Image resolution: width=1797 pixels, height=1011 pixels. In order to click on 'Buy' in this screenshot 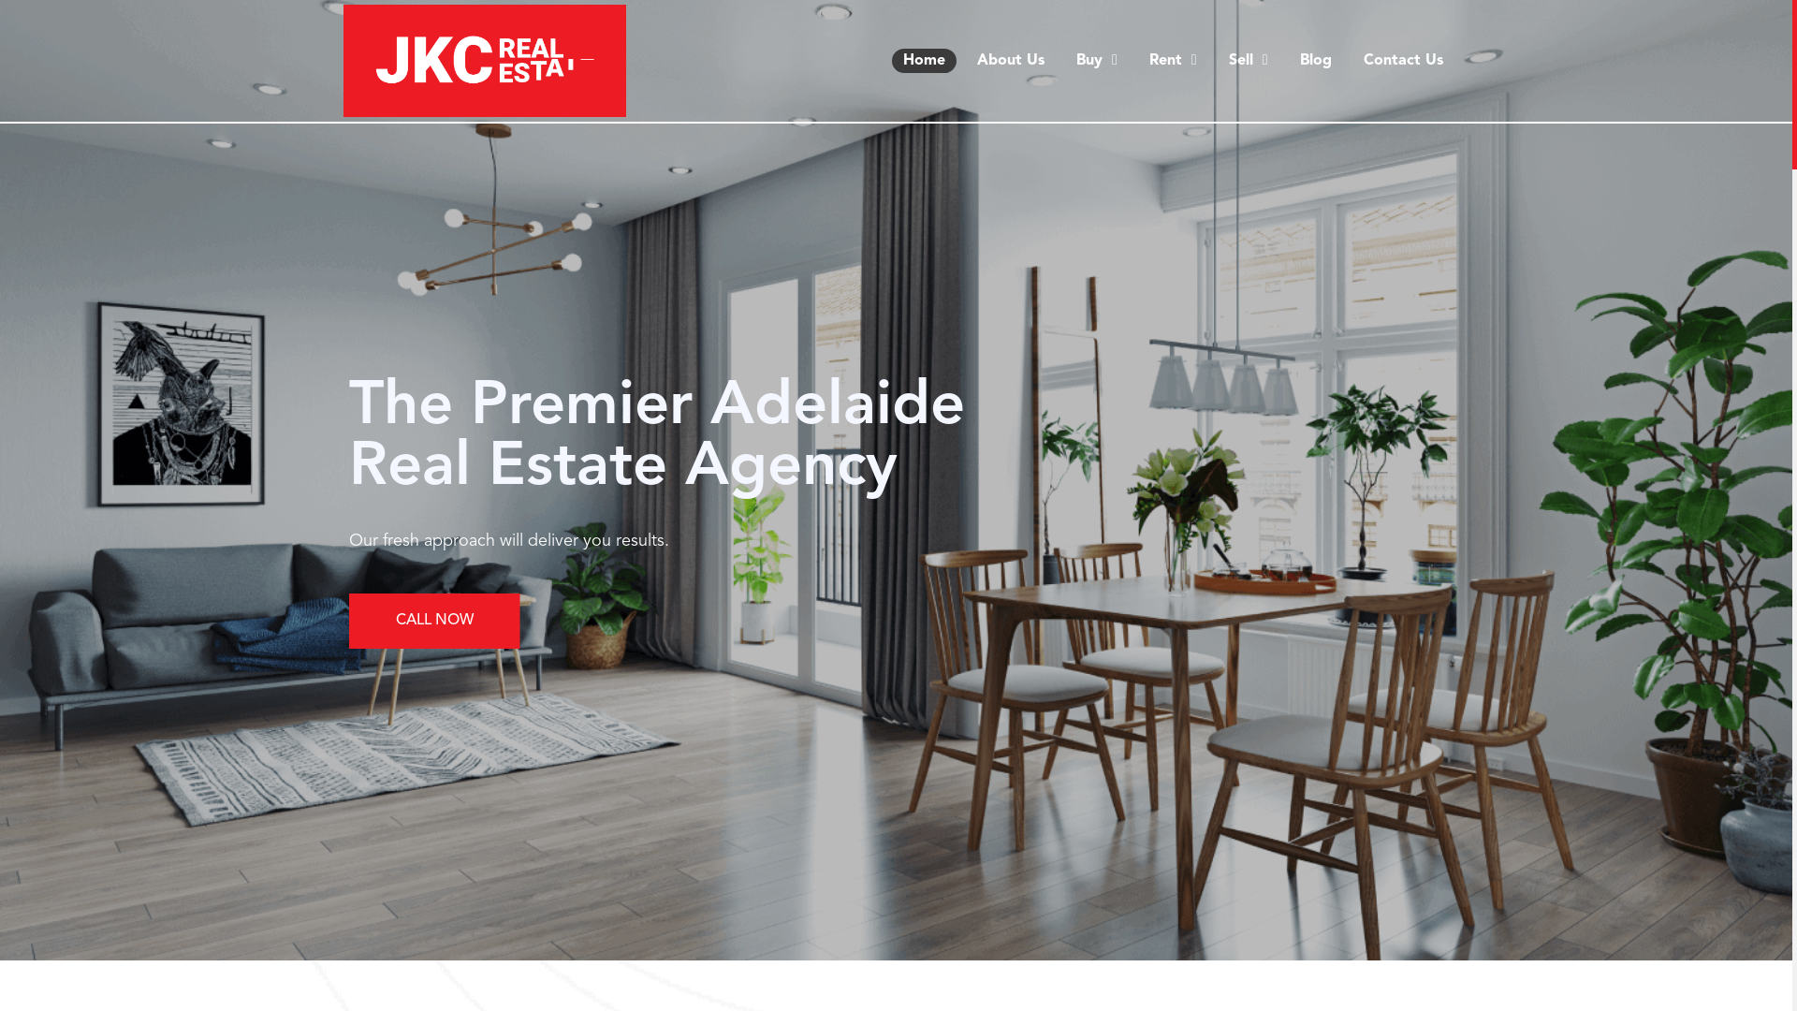, I will do `click(1096, 60)`.